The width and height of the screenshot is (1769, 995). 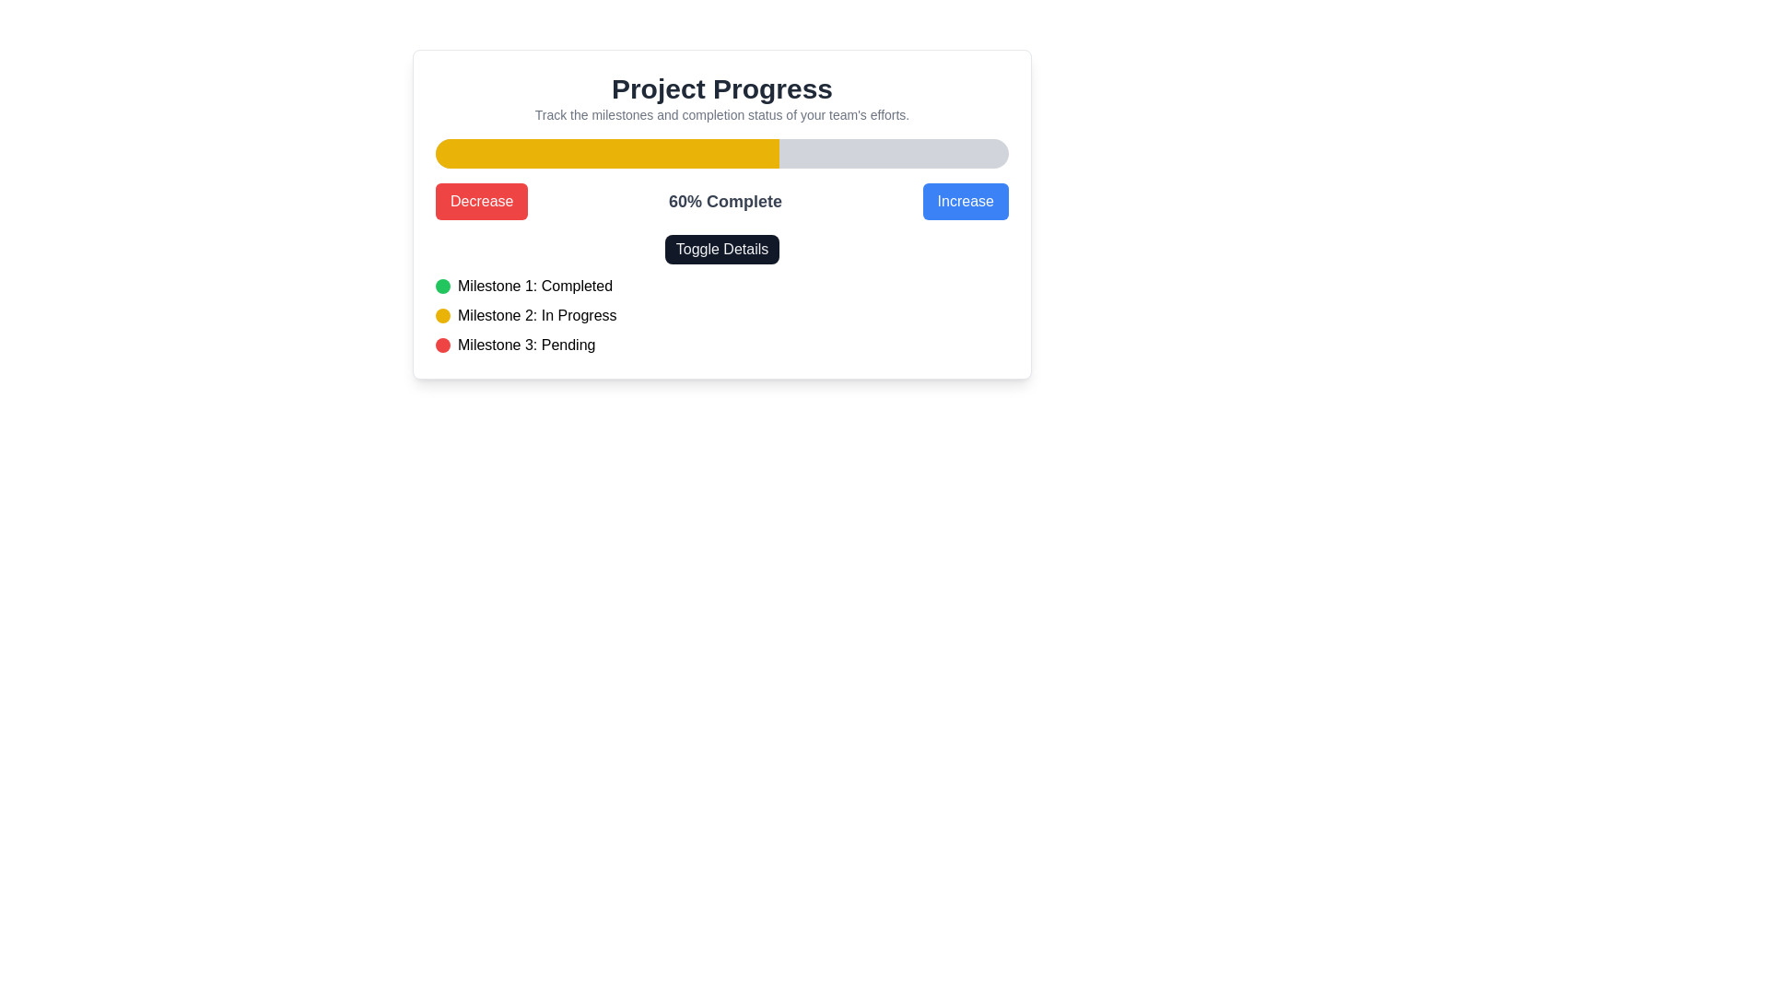 What do you see at coordinates (724, 202) in the screenshot?
I see `the static text label displaying '60% Complete' located centrally beneath the progress bar, between the 'Decrease' and 'Increase' buttons` at bounding box center [724, 202].